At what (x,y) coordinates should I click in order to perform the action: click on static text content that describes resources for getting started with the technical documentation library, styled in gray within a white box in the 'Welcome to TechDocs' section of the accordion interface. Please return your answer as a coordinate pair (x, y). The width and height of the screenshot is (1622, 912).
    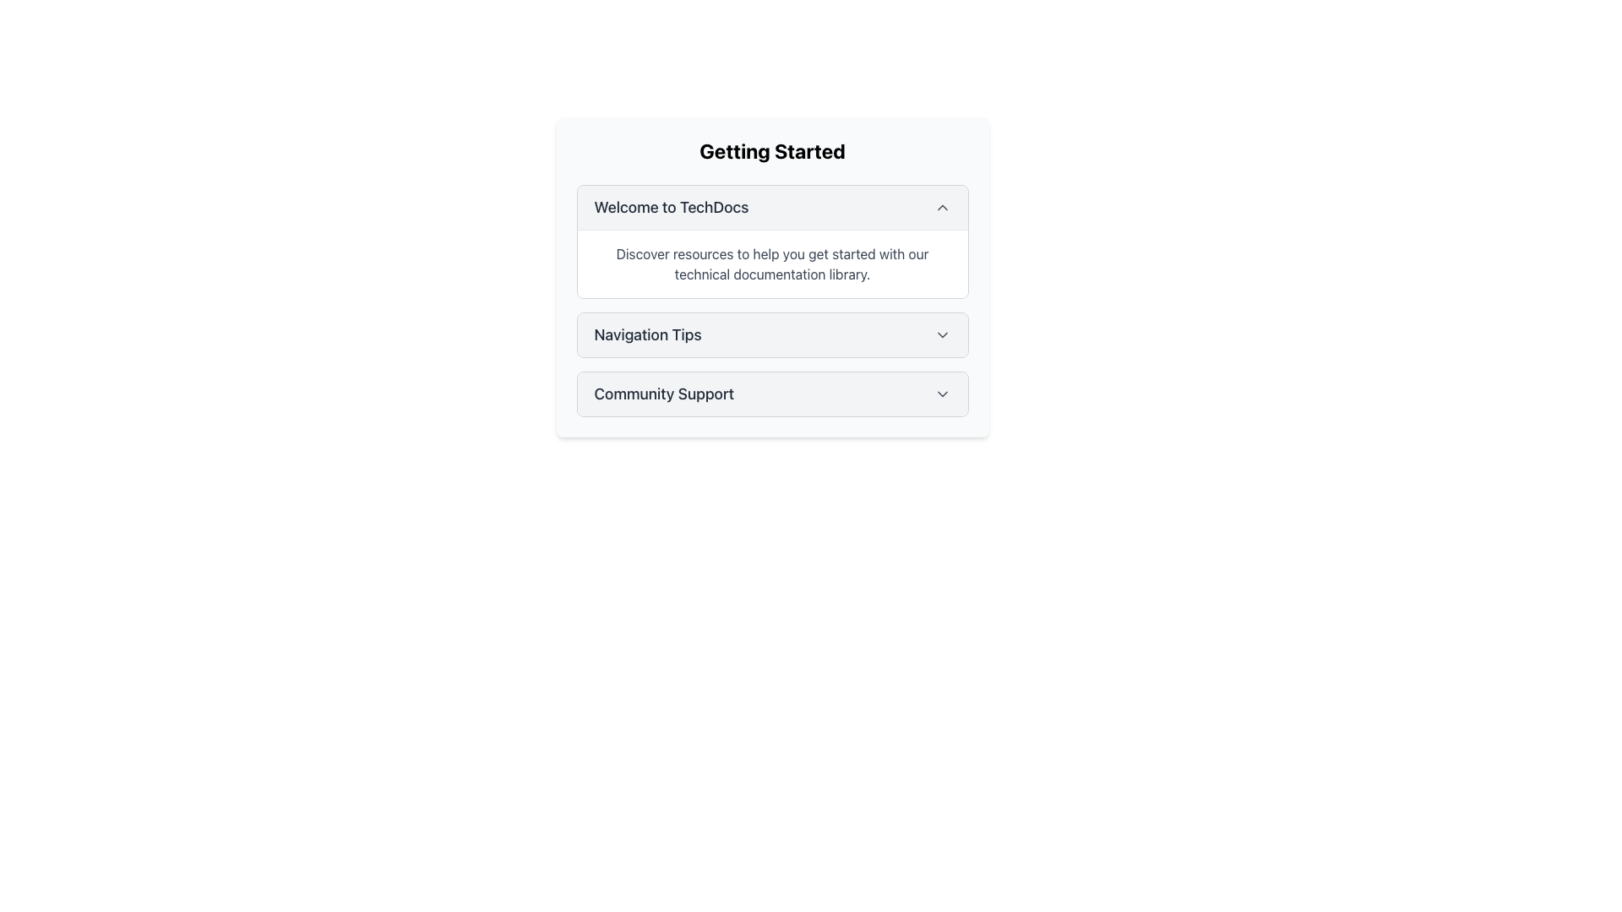
    Looking at the image, I should click on (771, 263).